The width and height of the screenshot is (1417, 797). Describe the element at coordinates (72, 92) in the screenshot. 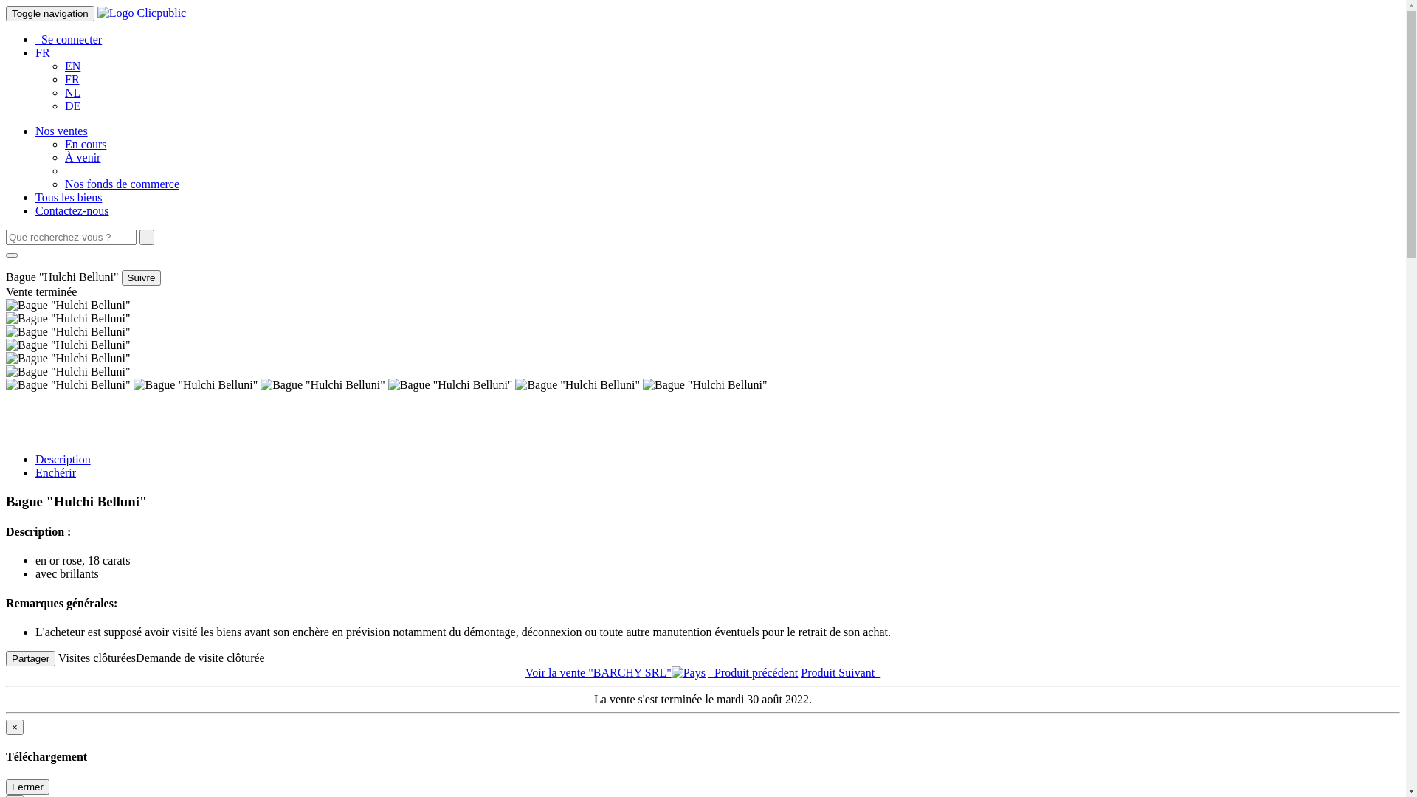

I see `'NL'` at that location.